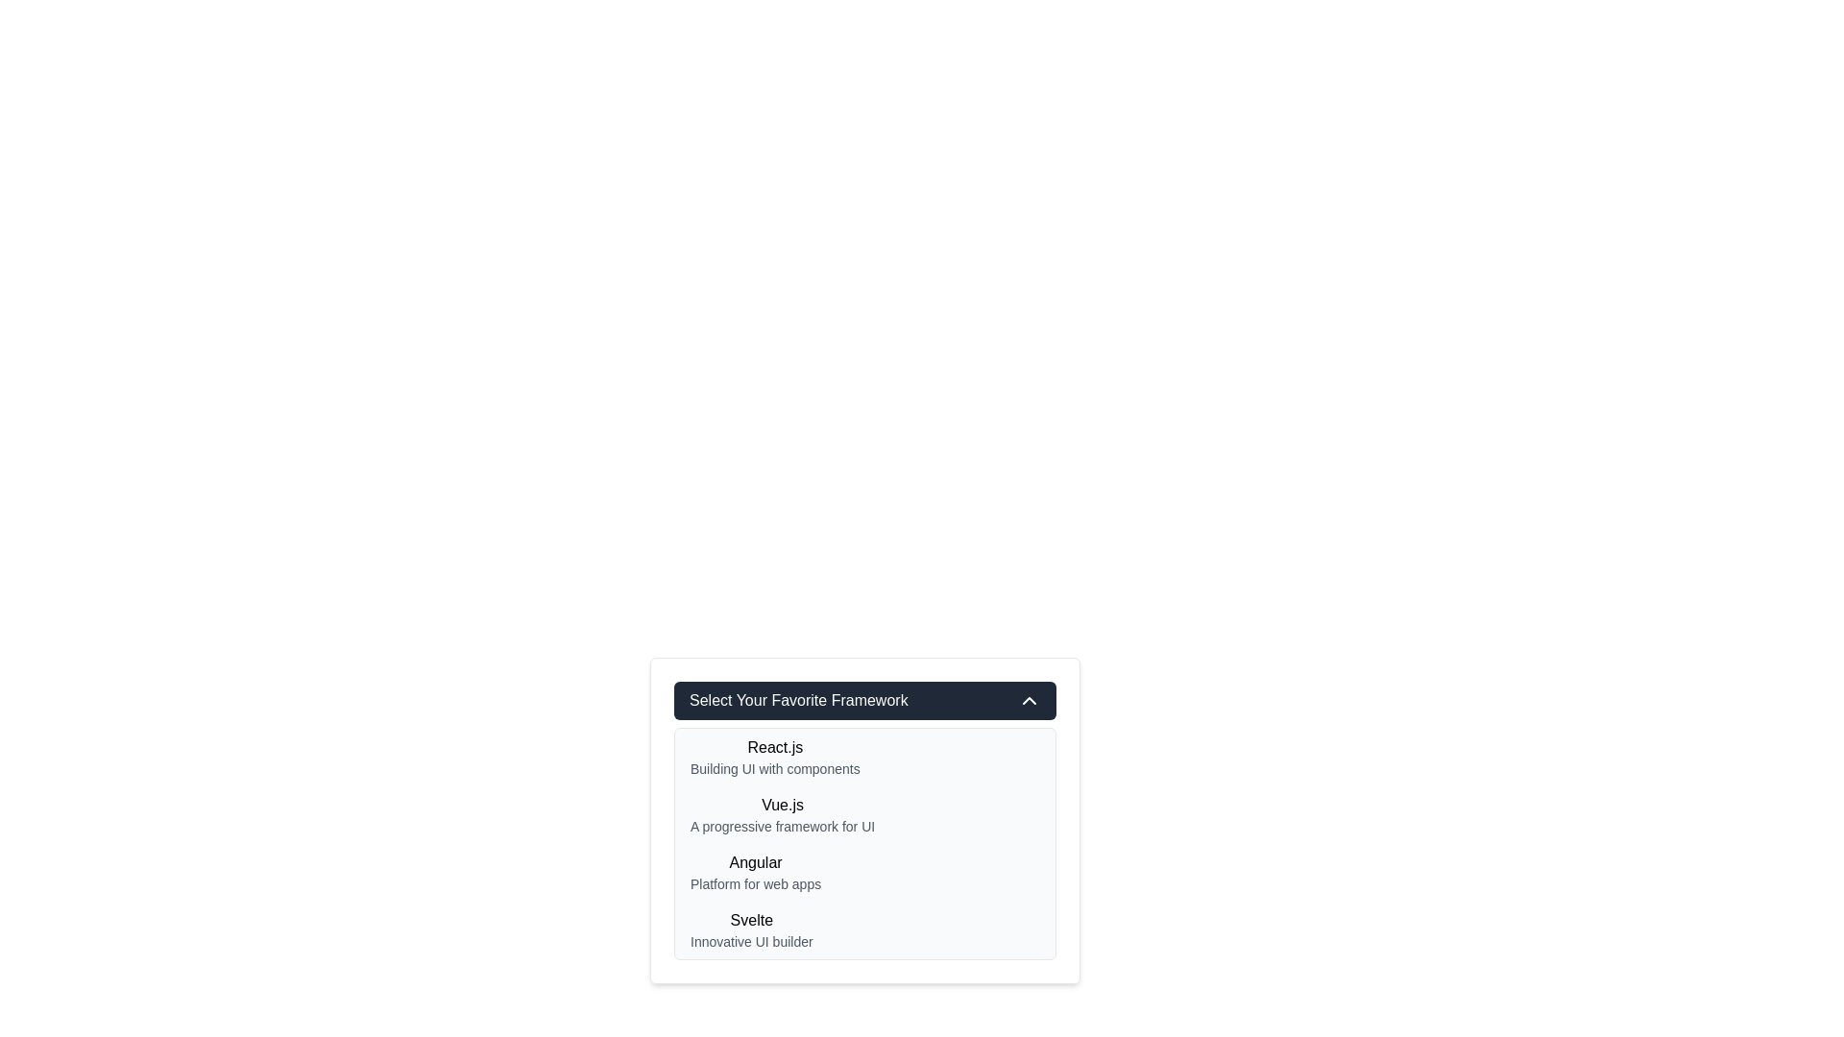 The image size is (1844, 1037). I want to click on the list item for selecting the Vue.js framework located in the second row of the dropdown menu below 'Select Your Favorite Framework', directly below 'React.js', so click(783, 814).